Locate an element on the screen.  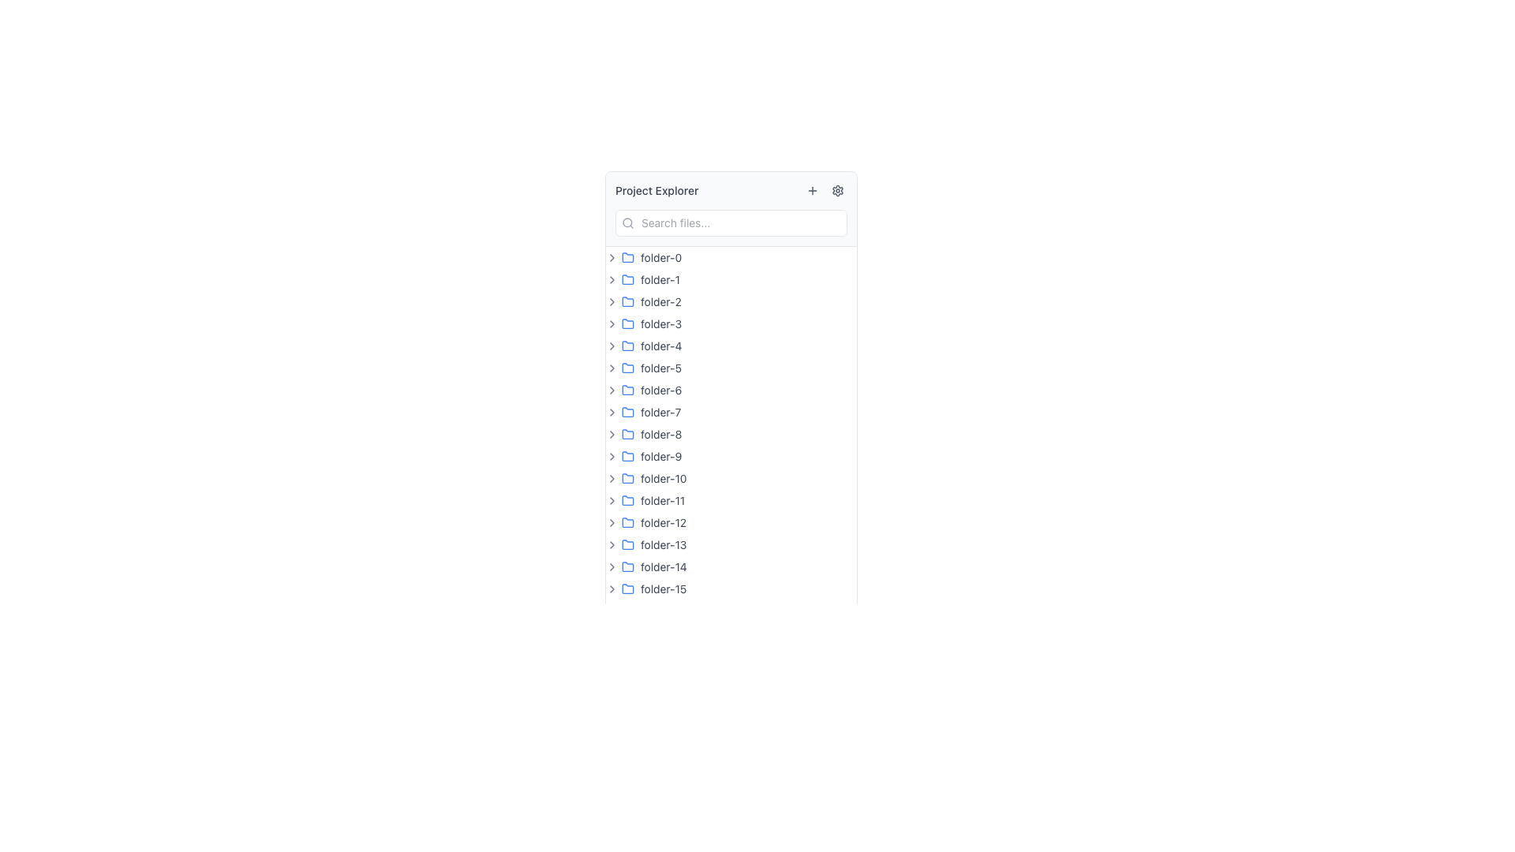
the expand/collapse icon located in the project explorer for 'folder-10' is located at coordinates (612, 477).